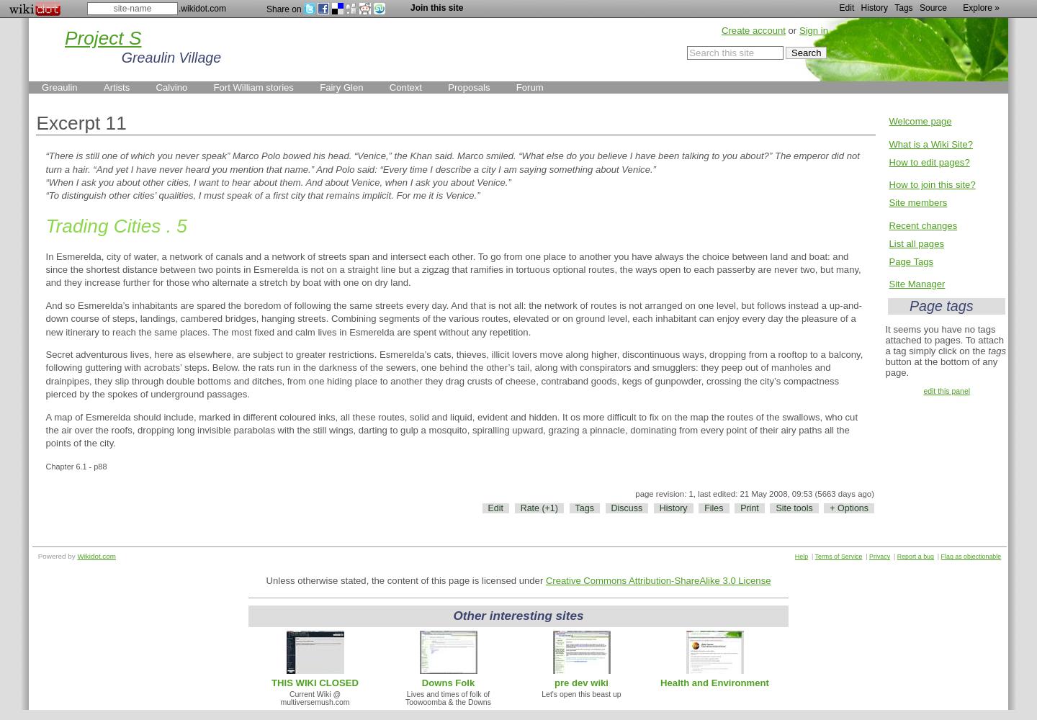 This screenshot has width=1037, height=720. What do you see at coordinates (997, 349) in the screenshot?
I see `'tags'` at bounding box center [997, 349].